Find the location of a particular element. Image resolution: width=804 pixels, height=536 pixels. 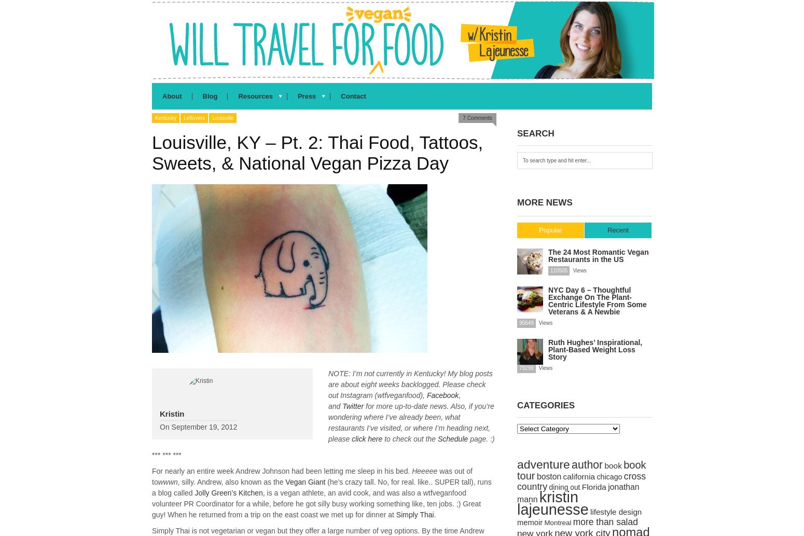

'adventure' is located at coordinates (543, 463).